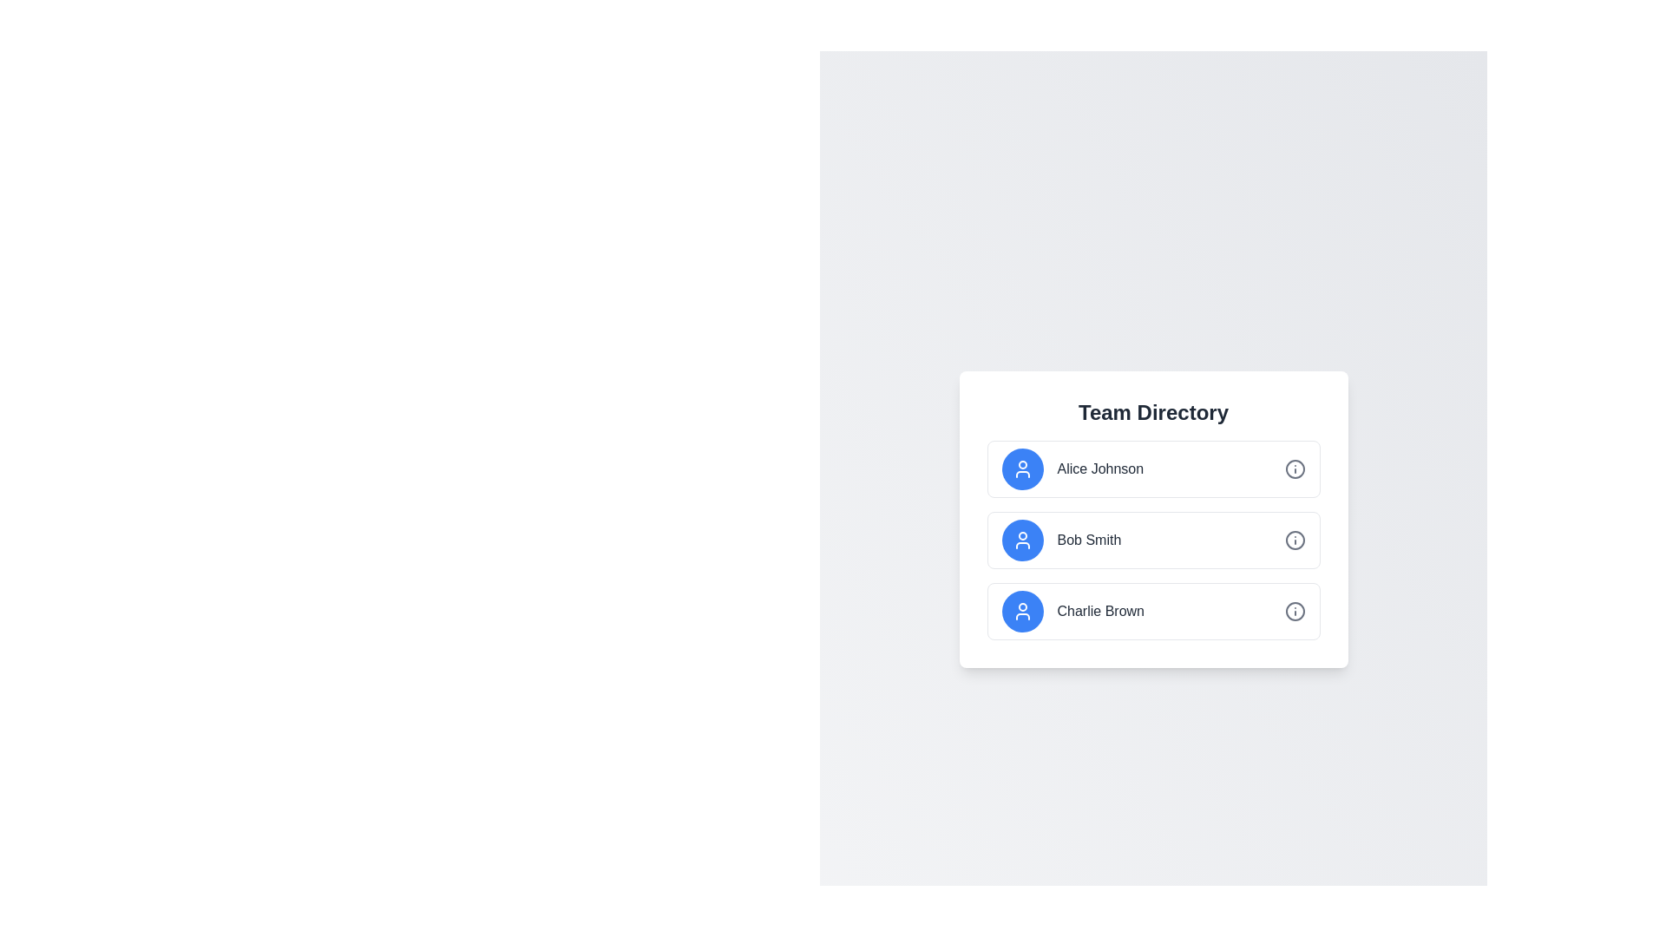 Image resolution: width=1666 pixels, height=937 pixels. I want to click on to select the list item displaying information about 'Bob Smith', which is the second item in the directory list, so click(1153, 540).